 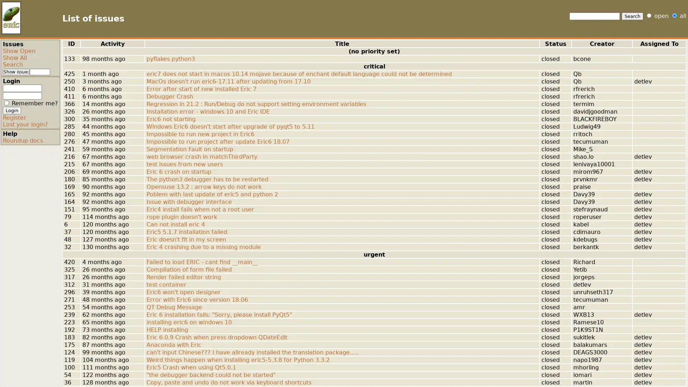 I want to click on Search, so click(x=632, y=16).